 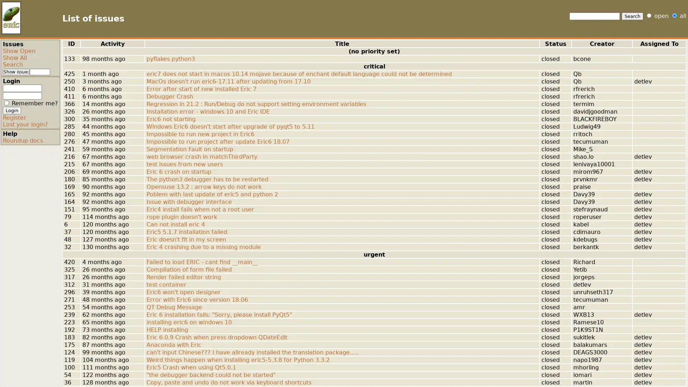 I want to click on Search, so click(x=632, y=16).